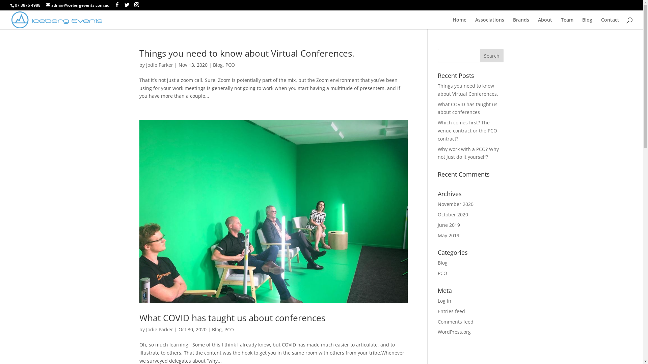  I want to click on 'PCO', so click(228, 329).